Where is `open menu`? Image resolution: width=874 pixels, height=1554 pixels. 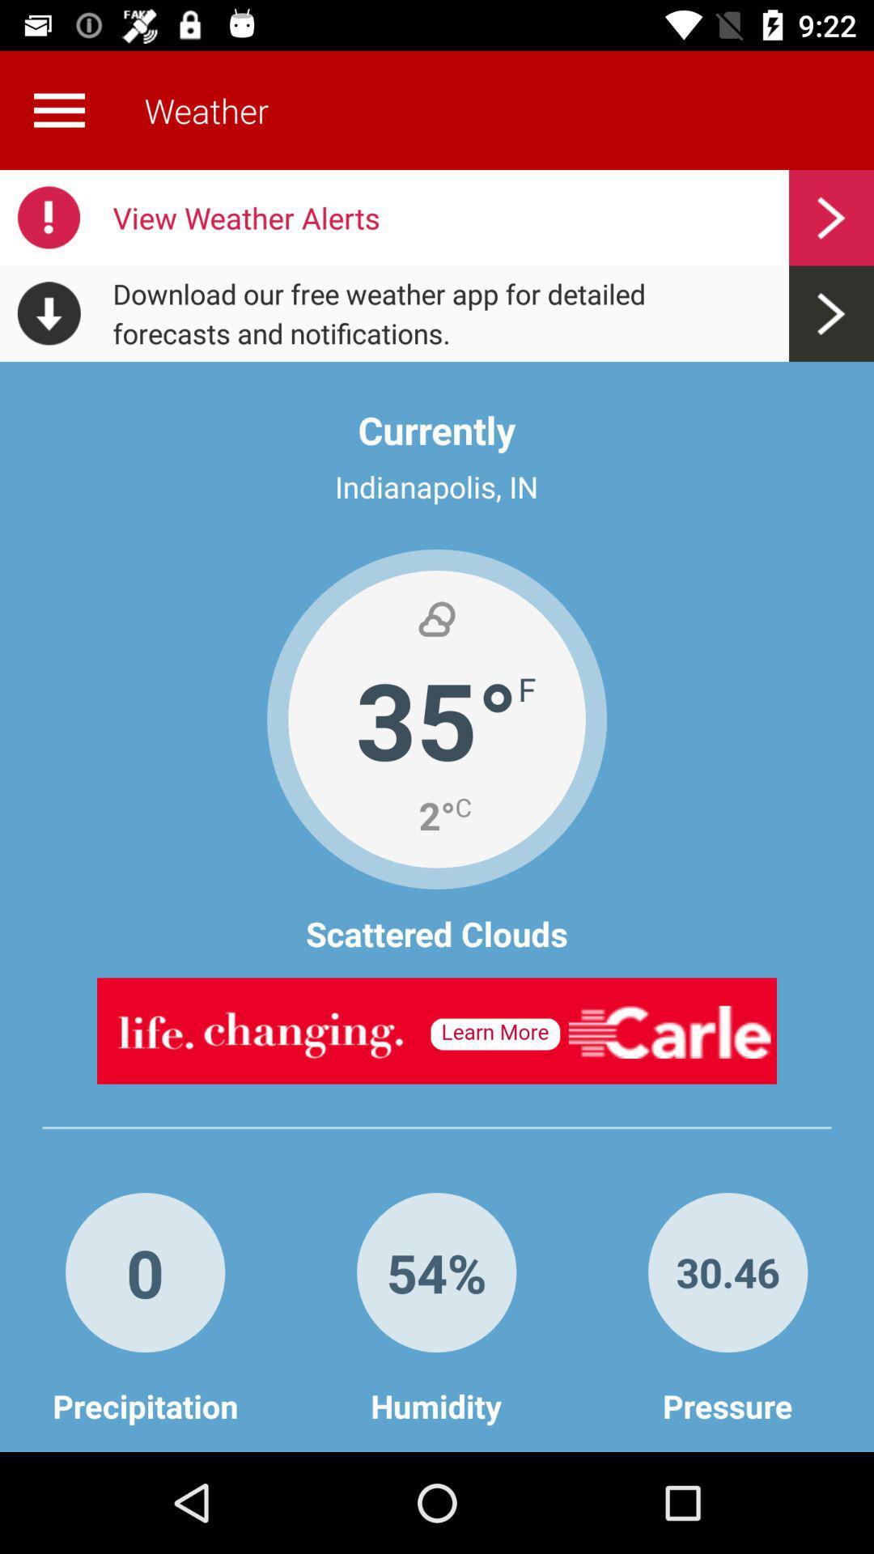 open menu is located at coordinates (58, 109).